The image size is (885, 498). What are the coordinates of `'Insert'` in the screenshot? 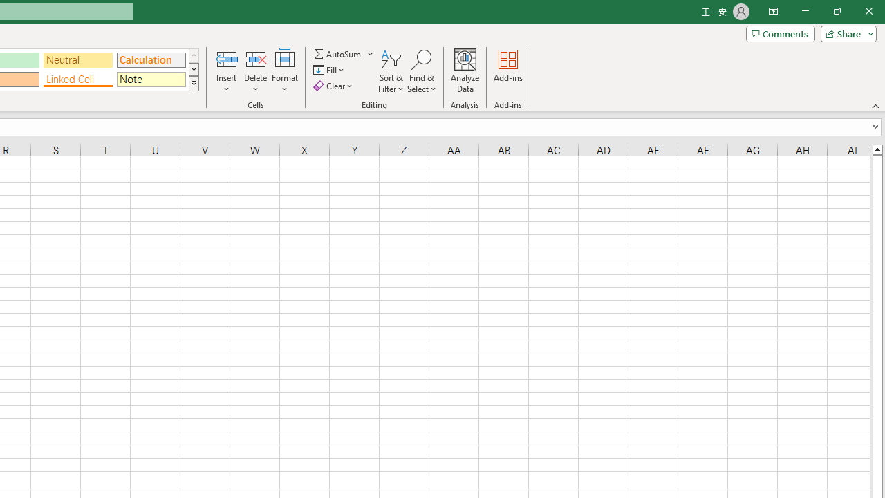 It's located at (227, 71).